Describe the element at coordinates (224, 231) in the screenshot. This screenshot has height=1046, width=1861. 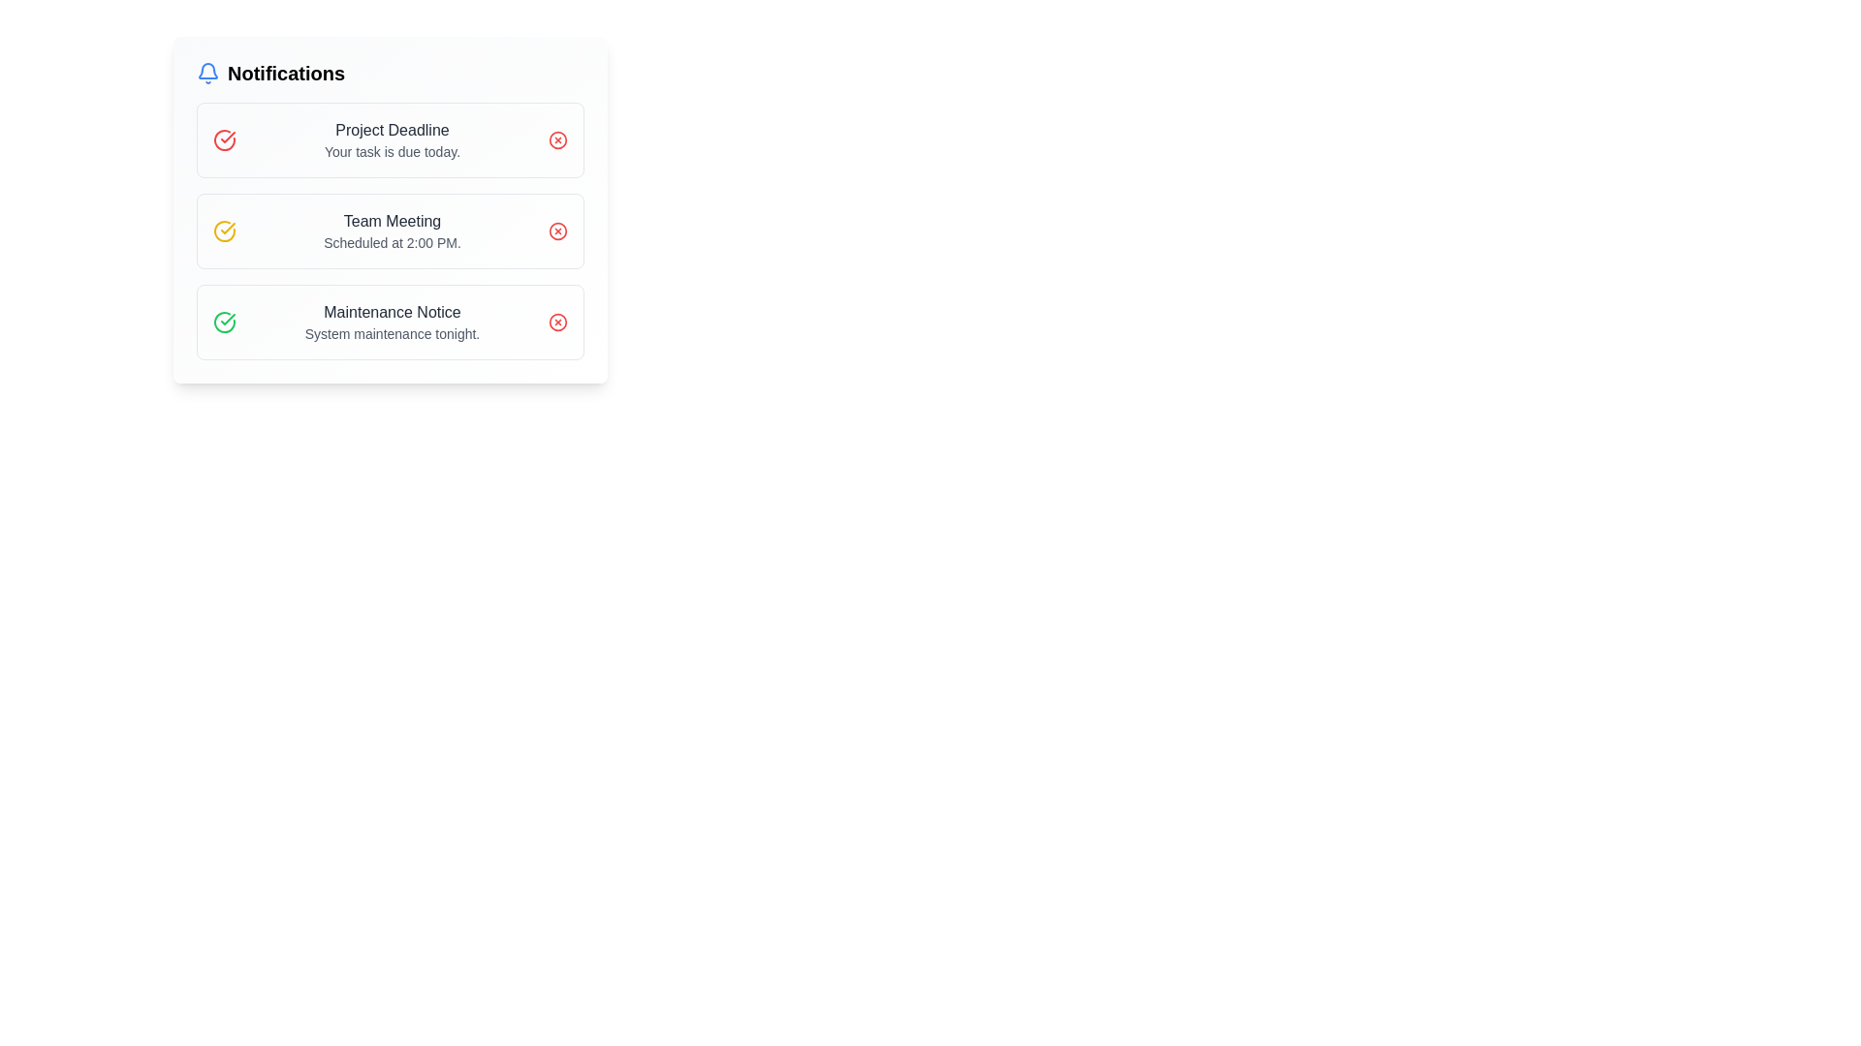
I see `circular yellow checkmark icon located to the left of the 'Team Meeting Scheduled at 2:00 PM' text in the notification card` at that location.